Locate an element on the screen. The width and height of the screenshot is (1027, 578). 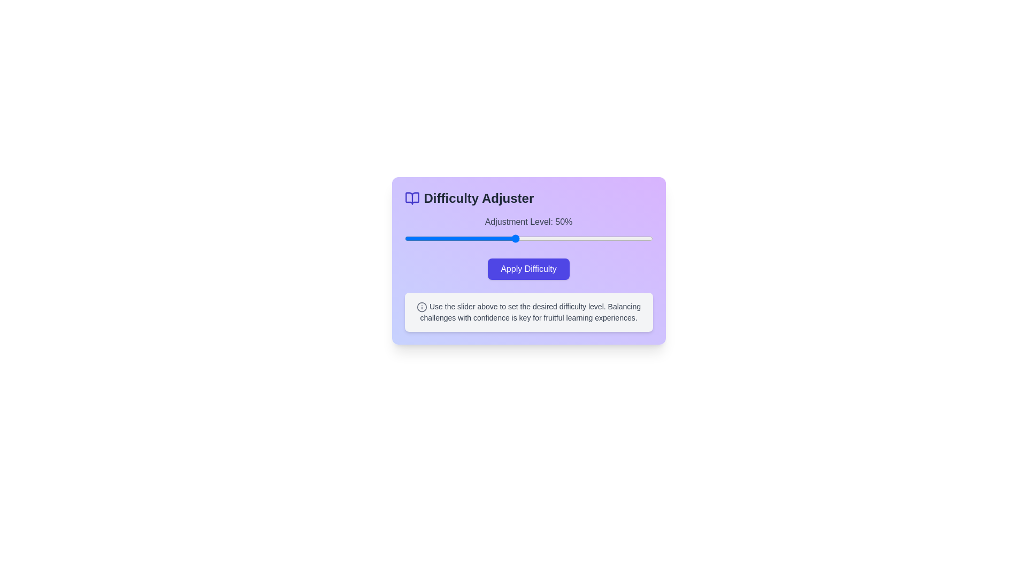
'Apply Difficulty' button to confirm the selected difficulty level is located at coordinates (528, 268).